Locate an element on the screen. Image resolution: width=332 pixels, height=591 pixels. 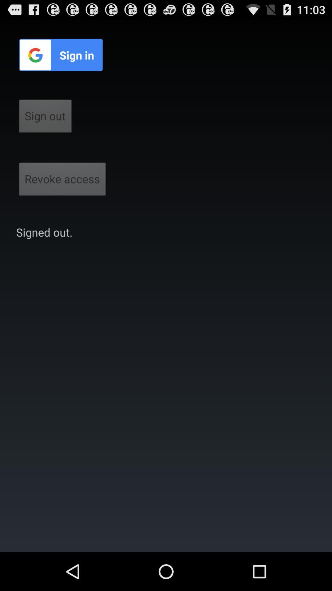
revoke access icon is located at coordinates (62, 181).